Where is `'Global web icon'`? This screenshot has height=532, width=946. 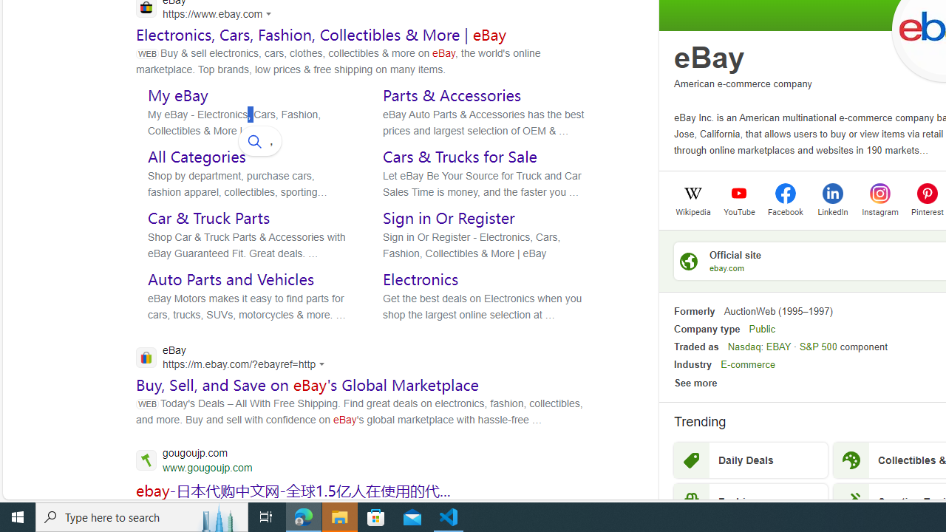 'Global web icon' is located at coordinates (146, 357).